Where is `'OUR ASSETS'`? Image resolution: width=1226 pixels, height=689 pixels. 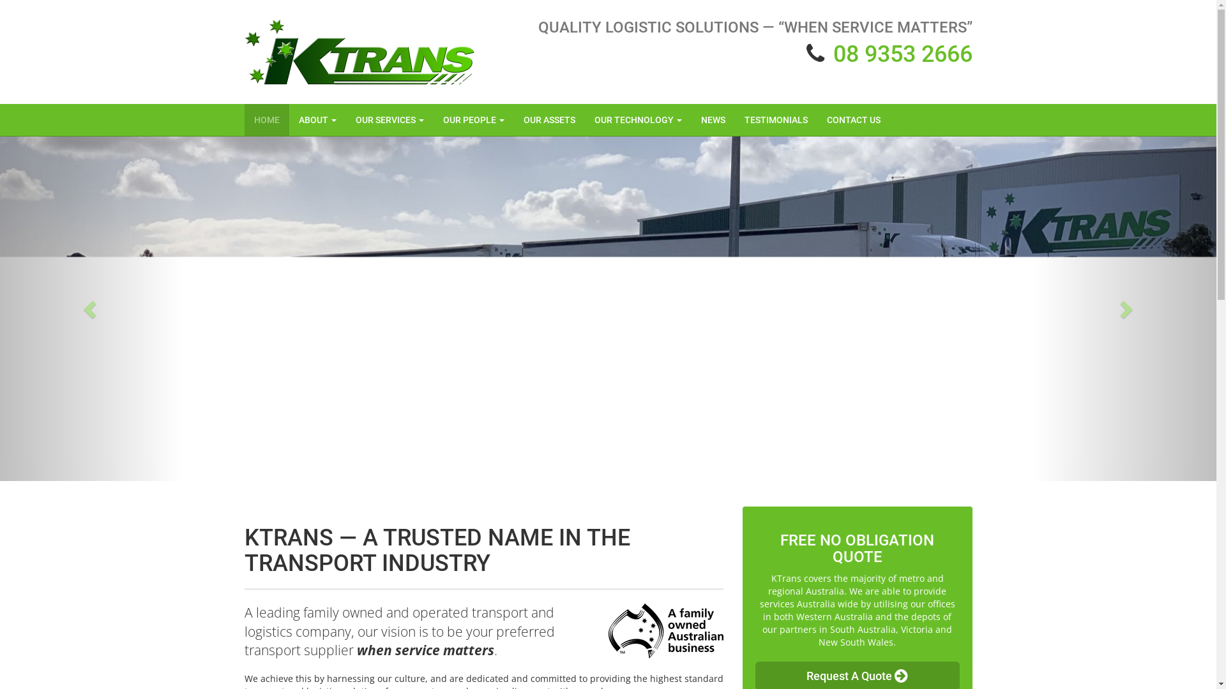
'OUR ASSETS' is located at coordinates (549, 120).